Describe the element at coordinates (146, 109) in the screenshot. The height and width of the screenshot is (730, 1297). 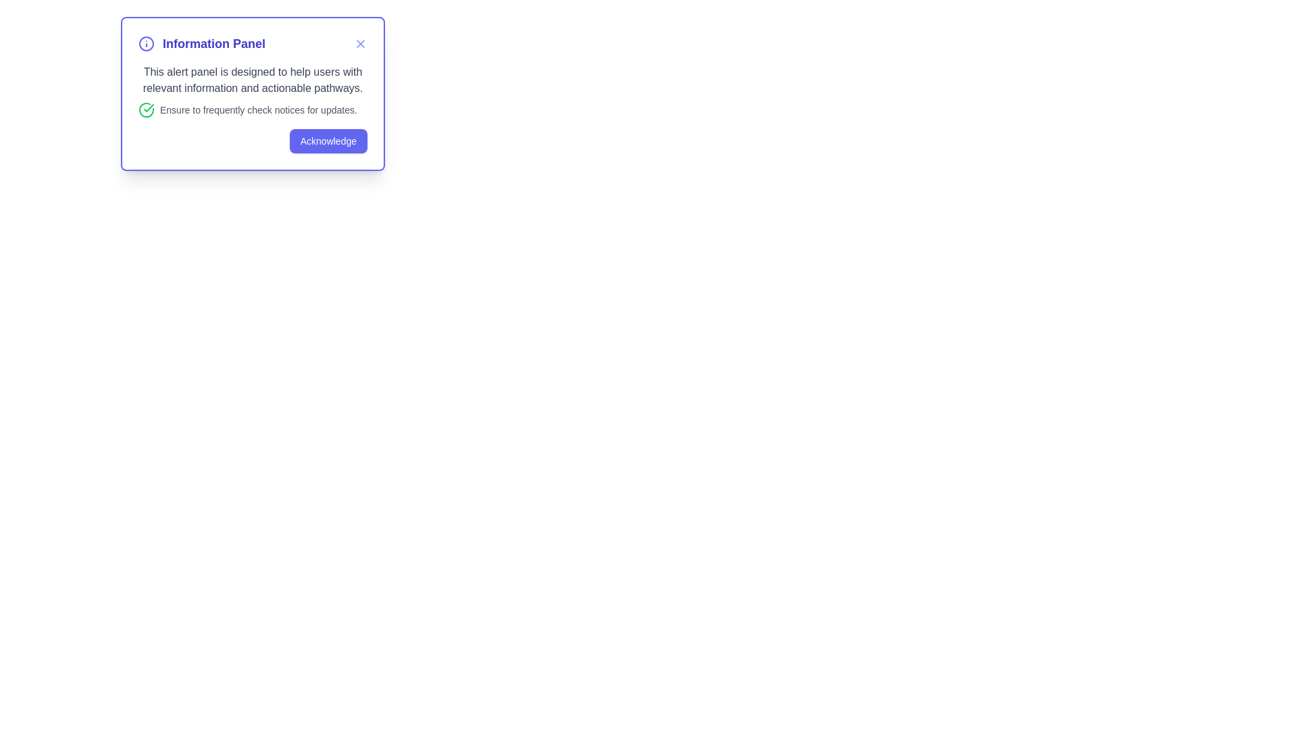
I see `the green checkmark icon inside a circle, located at the bottom-left corner of the notice panel` at that location.